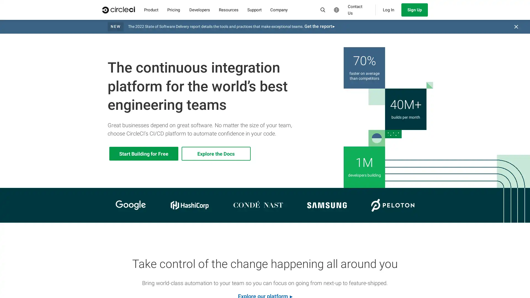  What do you see at coordinates (323, 10) in the screenshot?
I see `Search` at bounding box center [323, 10].